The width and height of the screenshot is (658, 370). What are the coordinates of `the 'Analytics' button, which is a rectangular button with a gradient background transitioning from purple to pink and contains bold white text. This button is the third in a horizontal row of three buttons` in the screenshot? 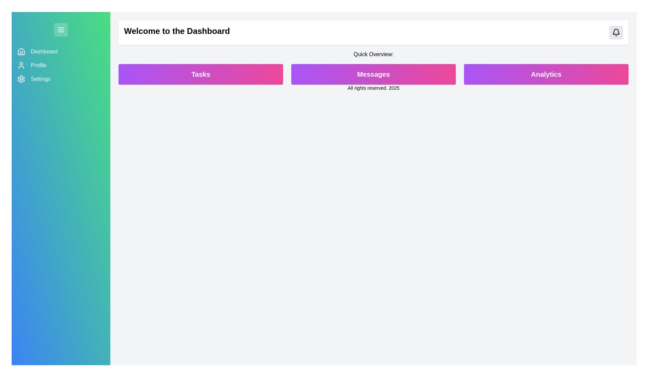 It's located at (546, 74).